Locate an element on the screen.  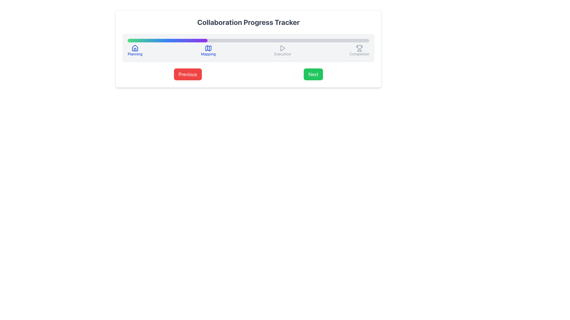
the 'Mapping' stage icon in the progress tracker, which is the second element in the horizontal sequence of stage indicators is located at coordinates (208, 48).